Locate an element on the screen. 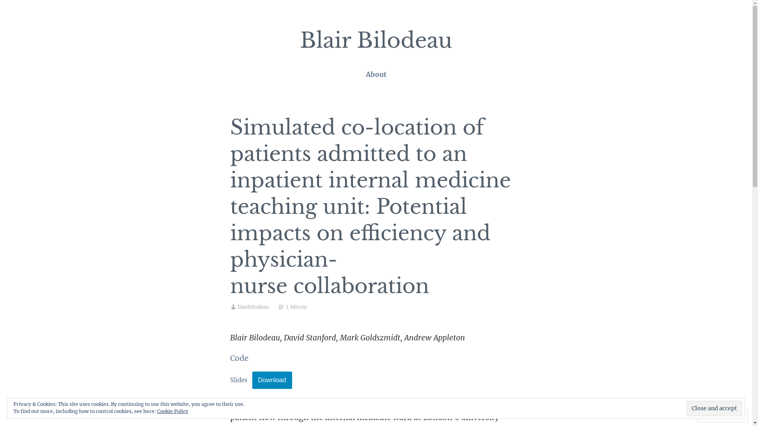 The image size is (758, 426). 'Code' is located at coordinates (238, 358).